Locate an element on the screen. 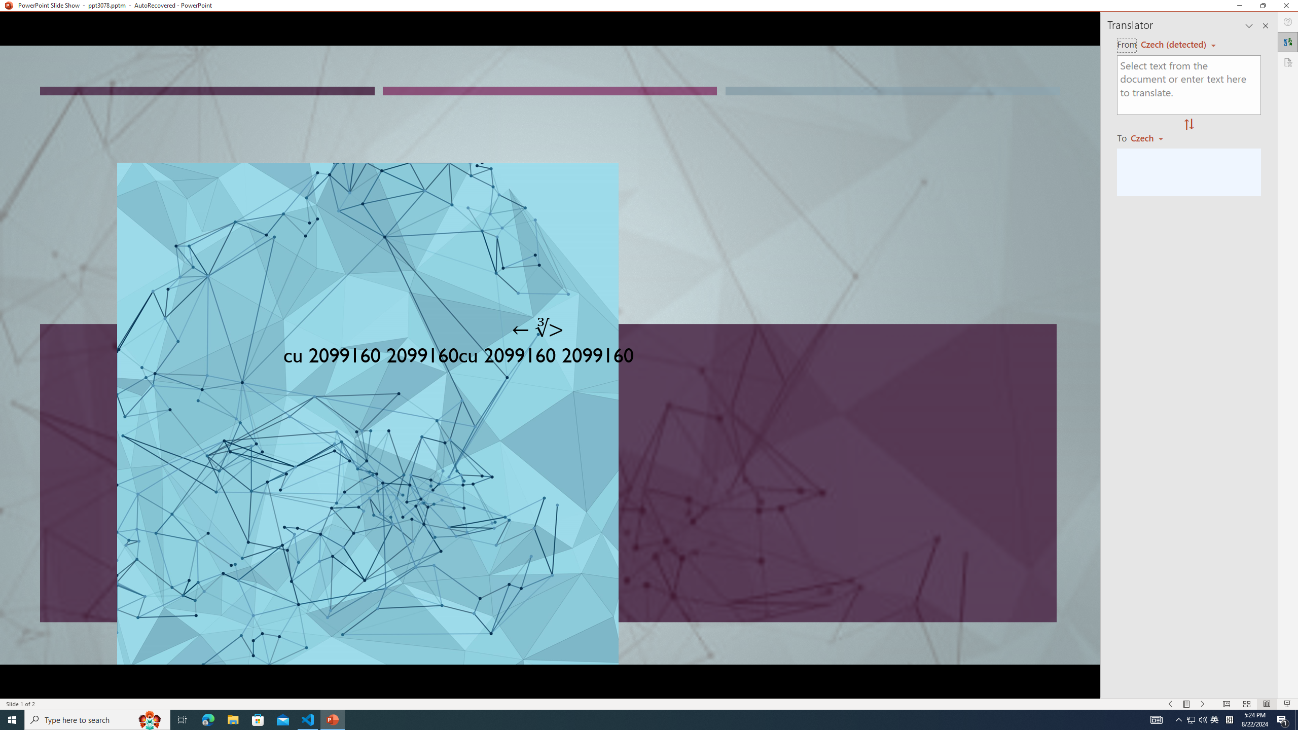  'Czech' is located at coordinates (1151, 137).